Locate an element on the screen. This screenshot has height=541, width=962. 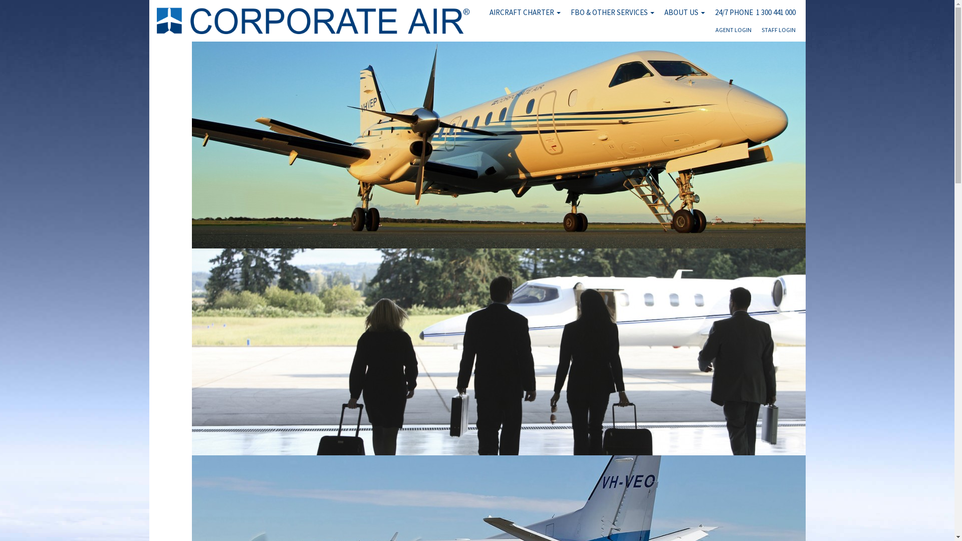
'STAFF LOGIN' is located at coordinates (778, 32).